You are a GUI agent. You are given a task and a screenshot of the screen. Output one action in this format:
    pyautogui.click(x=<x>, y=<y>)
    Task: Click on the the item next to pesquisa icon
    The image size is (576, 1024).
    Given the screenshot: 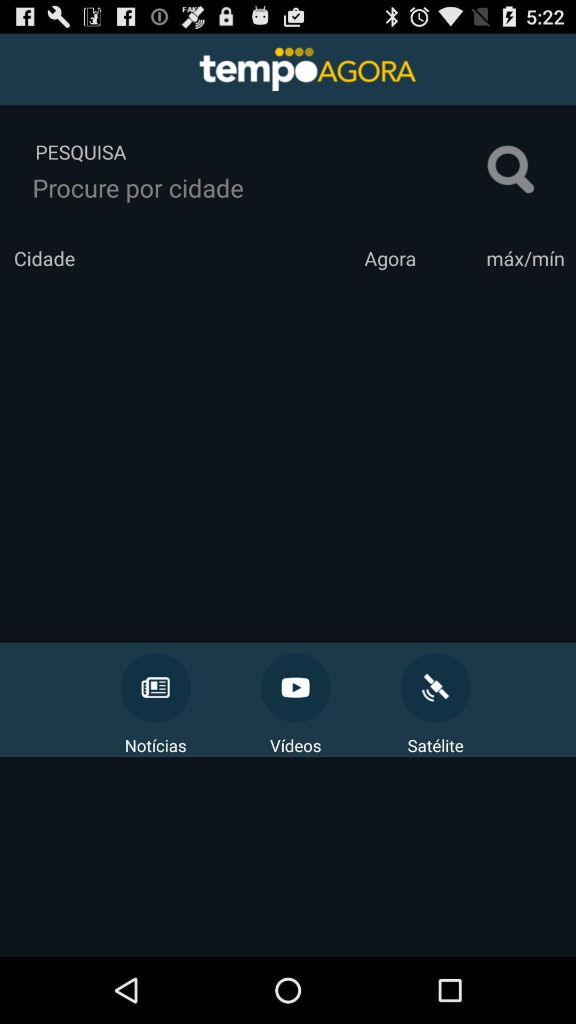 What is the action you would take?
    pyautogui.click(x=510, y=169)
    